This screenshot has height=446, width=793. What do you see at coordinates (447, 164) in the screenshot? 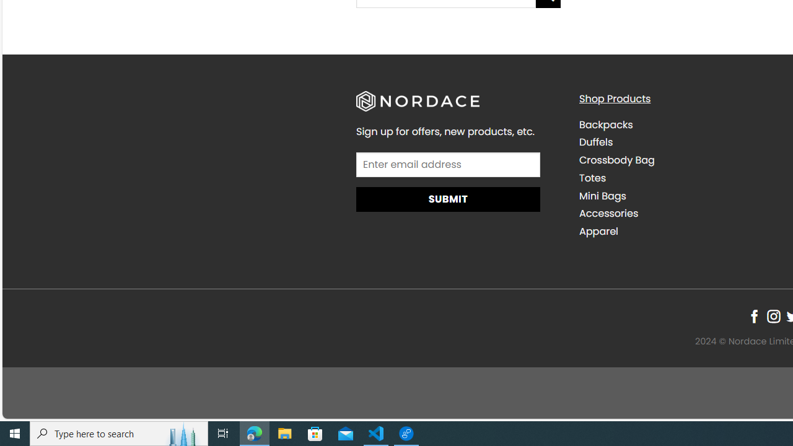
I see `'AutomationID: input_4_1'` at bounding box center [447, 164].